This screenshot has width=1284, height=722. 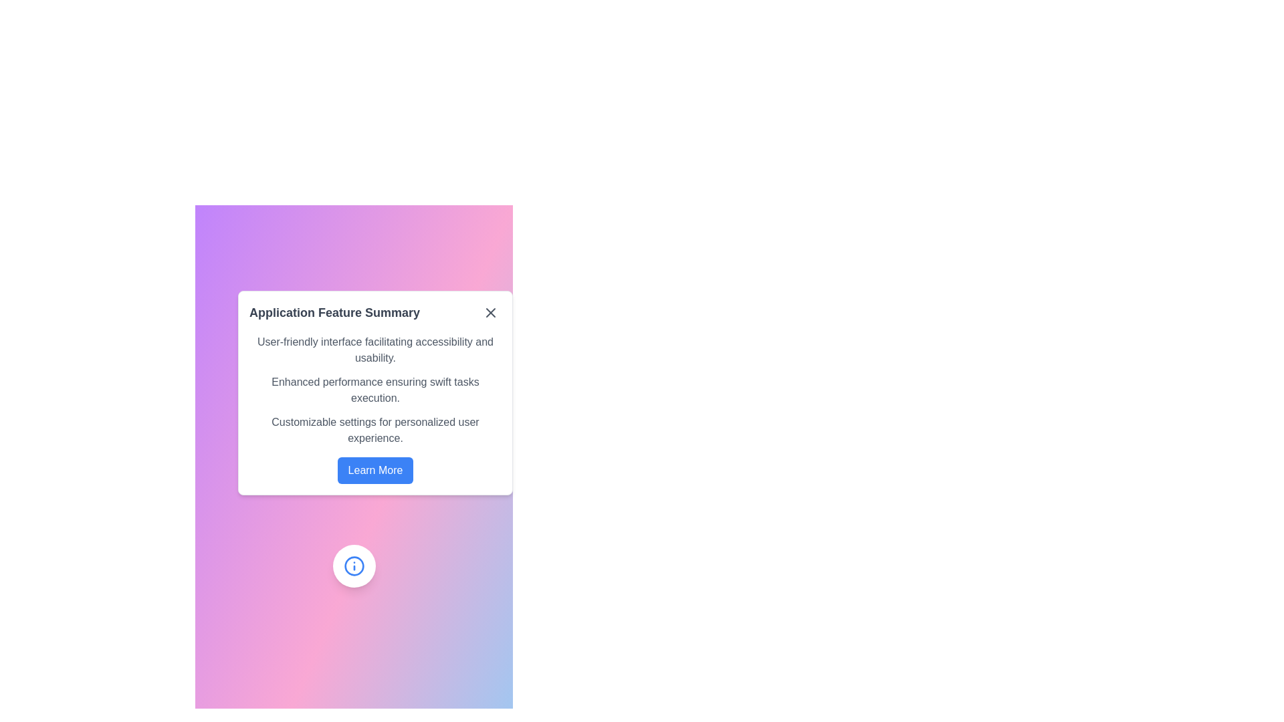 I want to click on displayed text 'User-friendly interface facilitating accessibility and usability.' from the first item in the vertical list under the section labeled 'Application Feature Summary', so click(x=374, y=350).